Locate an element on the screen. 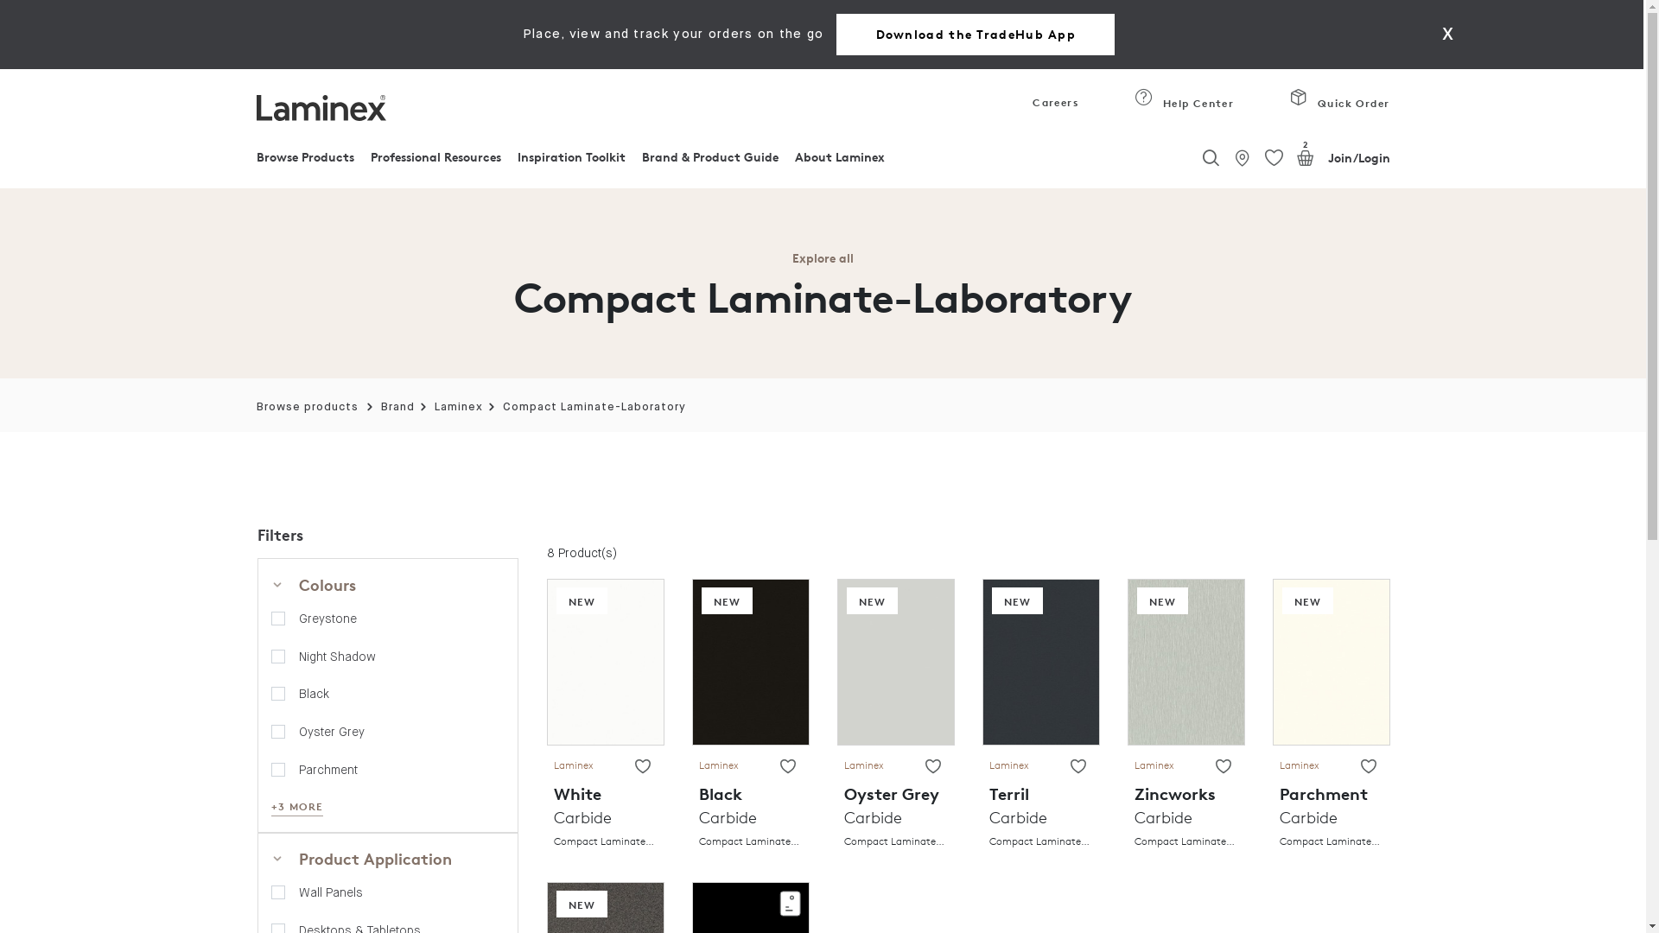 The width and height of the screenshot is (1659, 933). 'Help Center' is located at coordinates (1183, 107).